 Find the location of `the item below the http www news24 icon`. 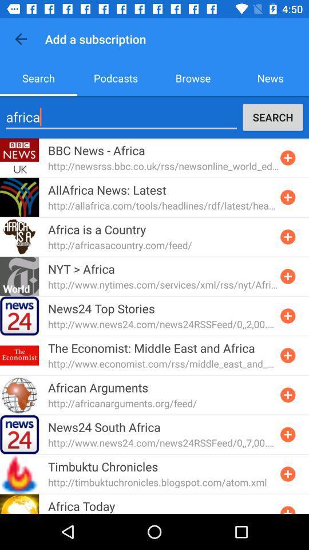

the item below the http www news24 icon is located at coordinates (151, 347).